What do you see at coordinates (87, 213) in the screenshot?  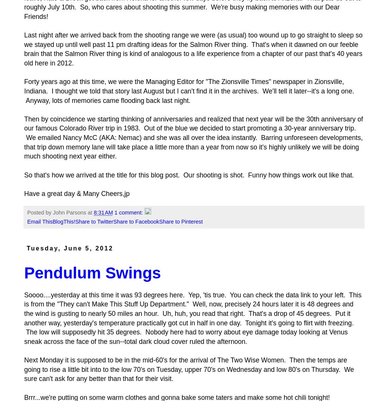 I see `'at'` at bounding box center [87, 213].